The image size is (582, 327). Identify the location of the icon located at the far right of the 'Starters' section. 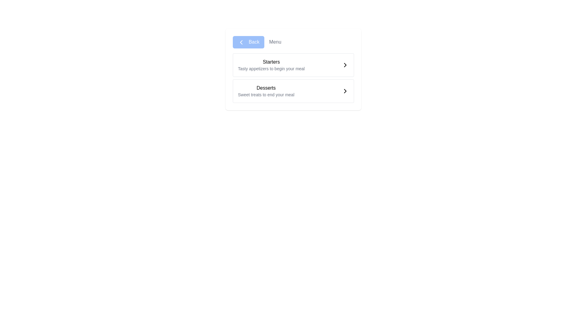
(345, 64).